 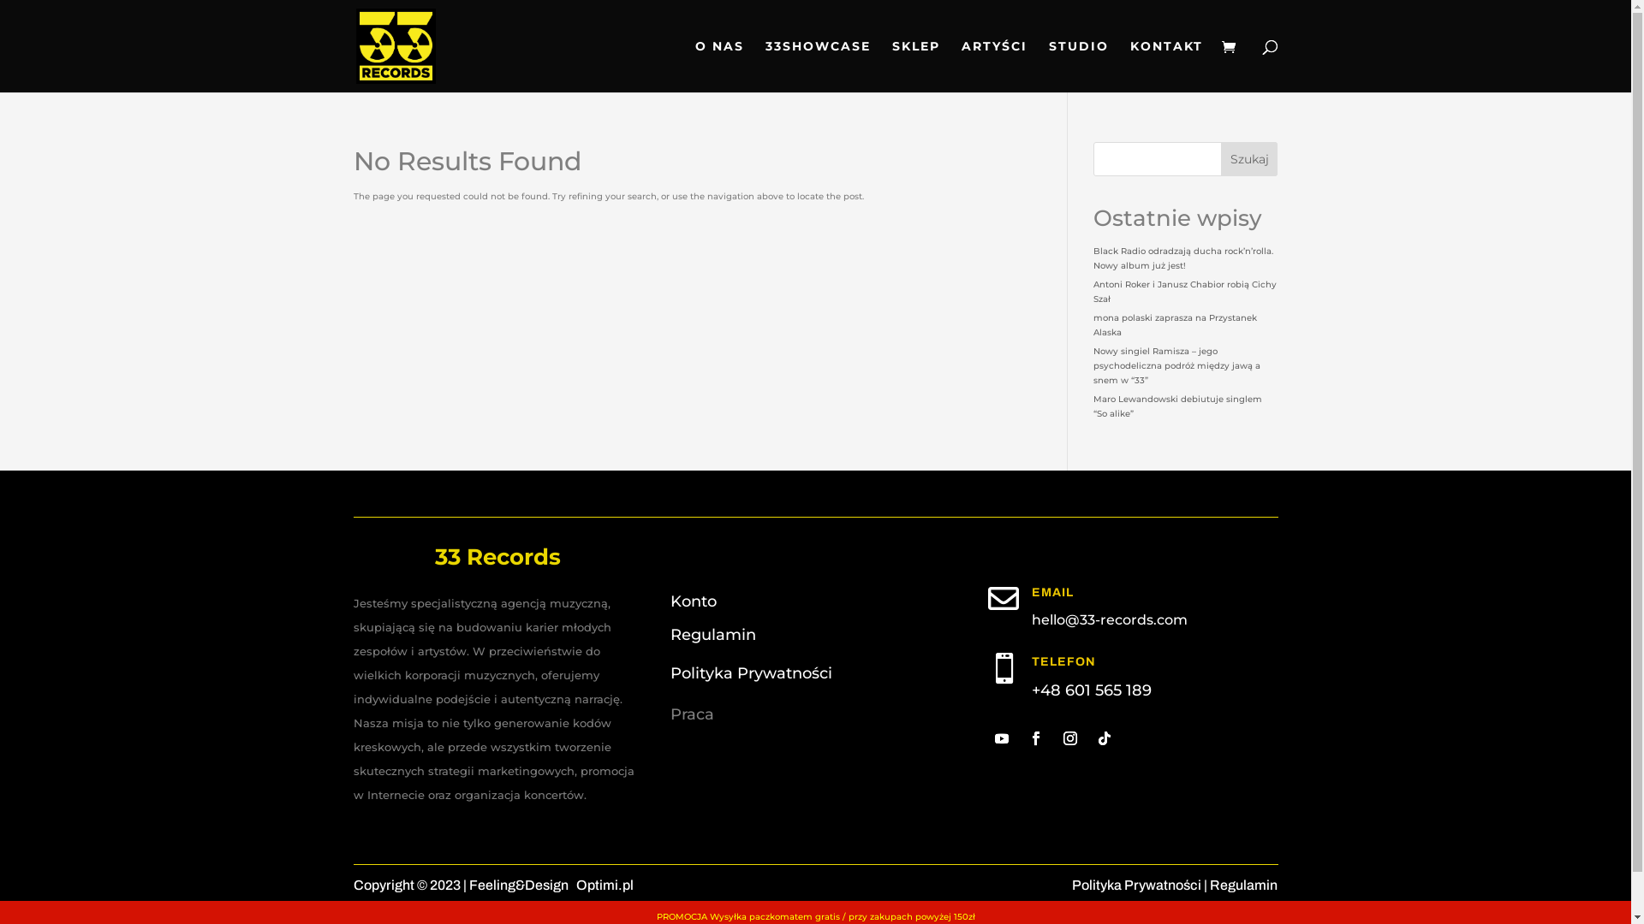 I want to click on 'O NAS', so click(x=694, y=65).